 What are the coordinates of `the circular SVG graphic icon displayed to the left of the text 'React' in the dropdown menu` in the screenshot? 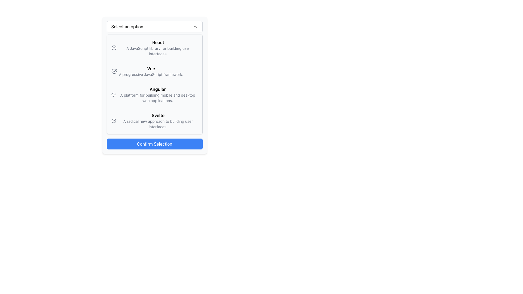 It's located at (113, 47).